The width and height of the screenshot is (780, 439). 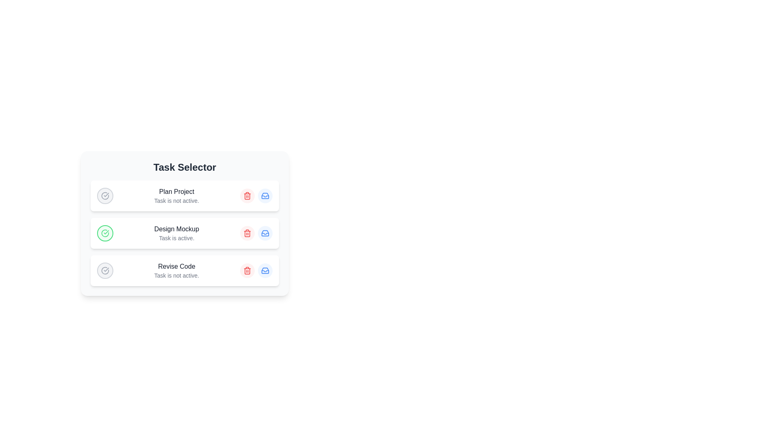 I want to click on the distinct inbox-like icon positioned to the far right of the 'Design Mockup' list item under the 'Task Selector' header, so click(x=265, y=233).